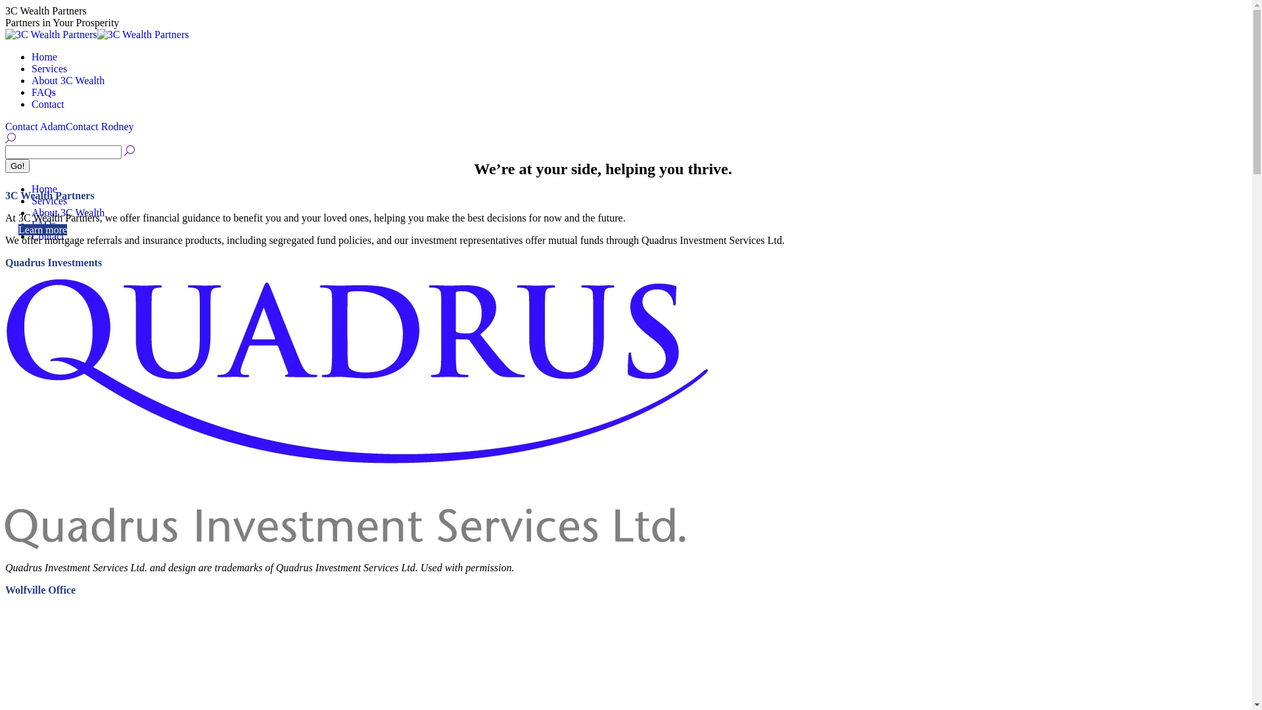 This screenshot has width=1262, height=710. What do you see at coordinates (17, 165) in the screenshot?
I see `'Go!'` at bounding box center [17, 165].